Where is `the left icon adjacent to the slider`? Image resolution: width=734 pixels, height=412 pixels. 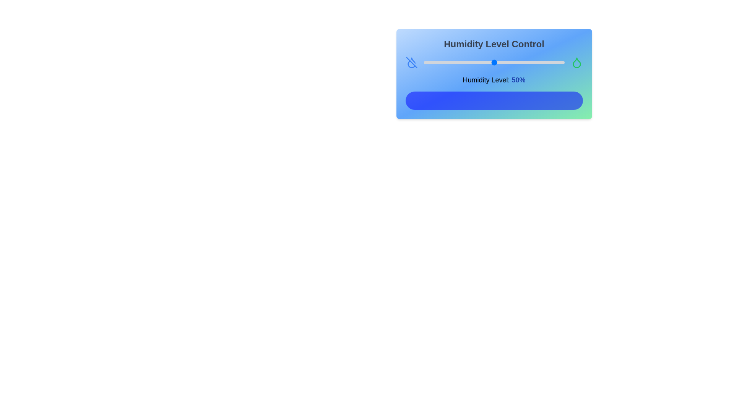
the left icon adjacent to the slider is located at coordinates (411, 62).